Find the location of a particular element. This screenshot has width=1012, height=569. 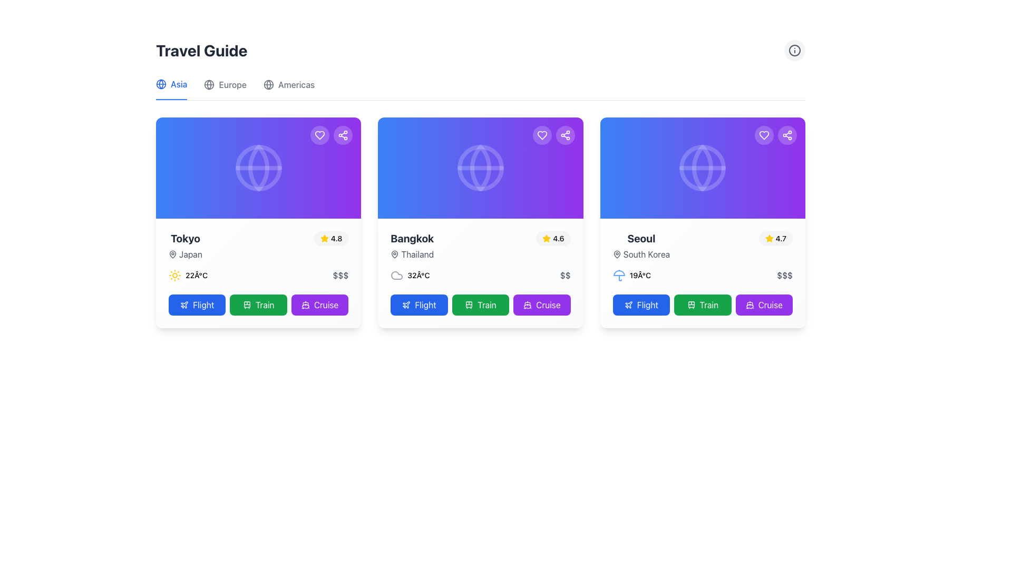

the SVG icon within the 'Flight' button located in the lower section of the travel options card, which represents information related to flights is located at coordinates (628, 305).